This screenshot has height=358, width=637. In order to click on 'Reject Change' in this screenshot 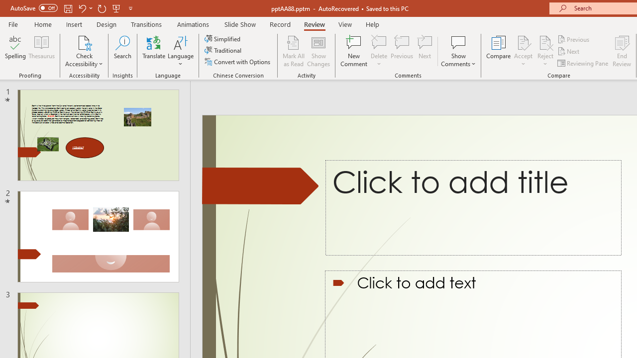, I will do `click(545, 42)`.